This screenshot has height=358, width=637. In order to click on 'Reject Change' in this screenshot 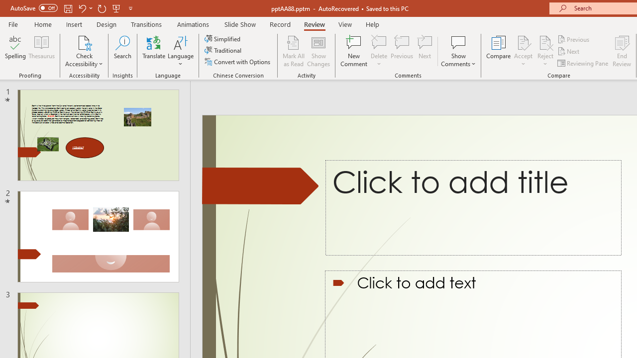, I will do `click(545, 42)`.